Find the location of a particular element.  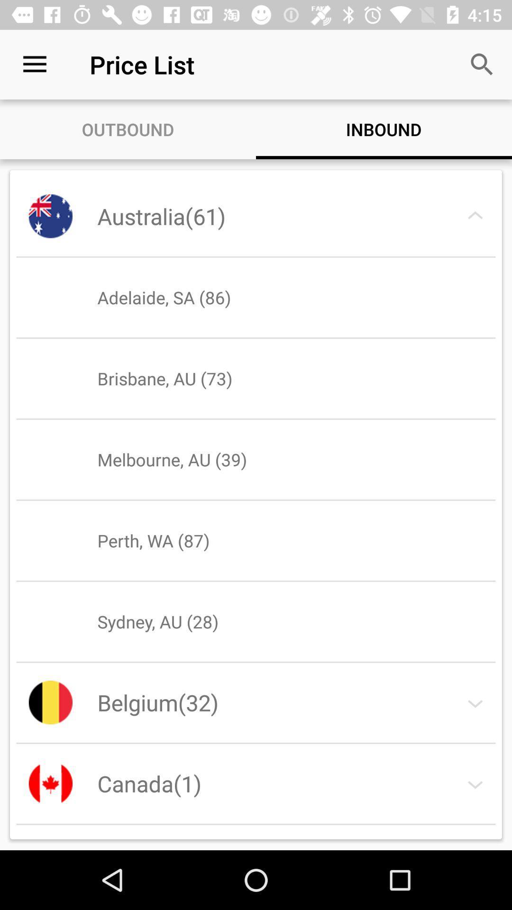

icon next to the price list icon is located at coordinates (34, 64).